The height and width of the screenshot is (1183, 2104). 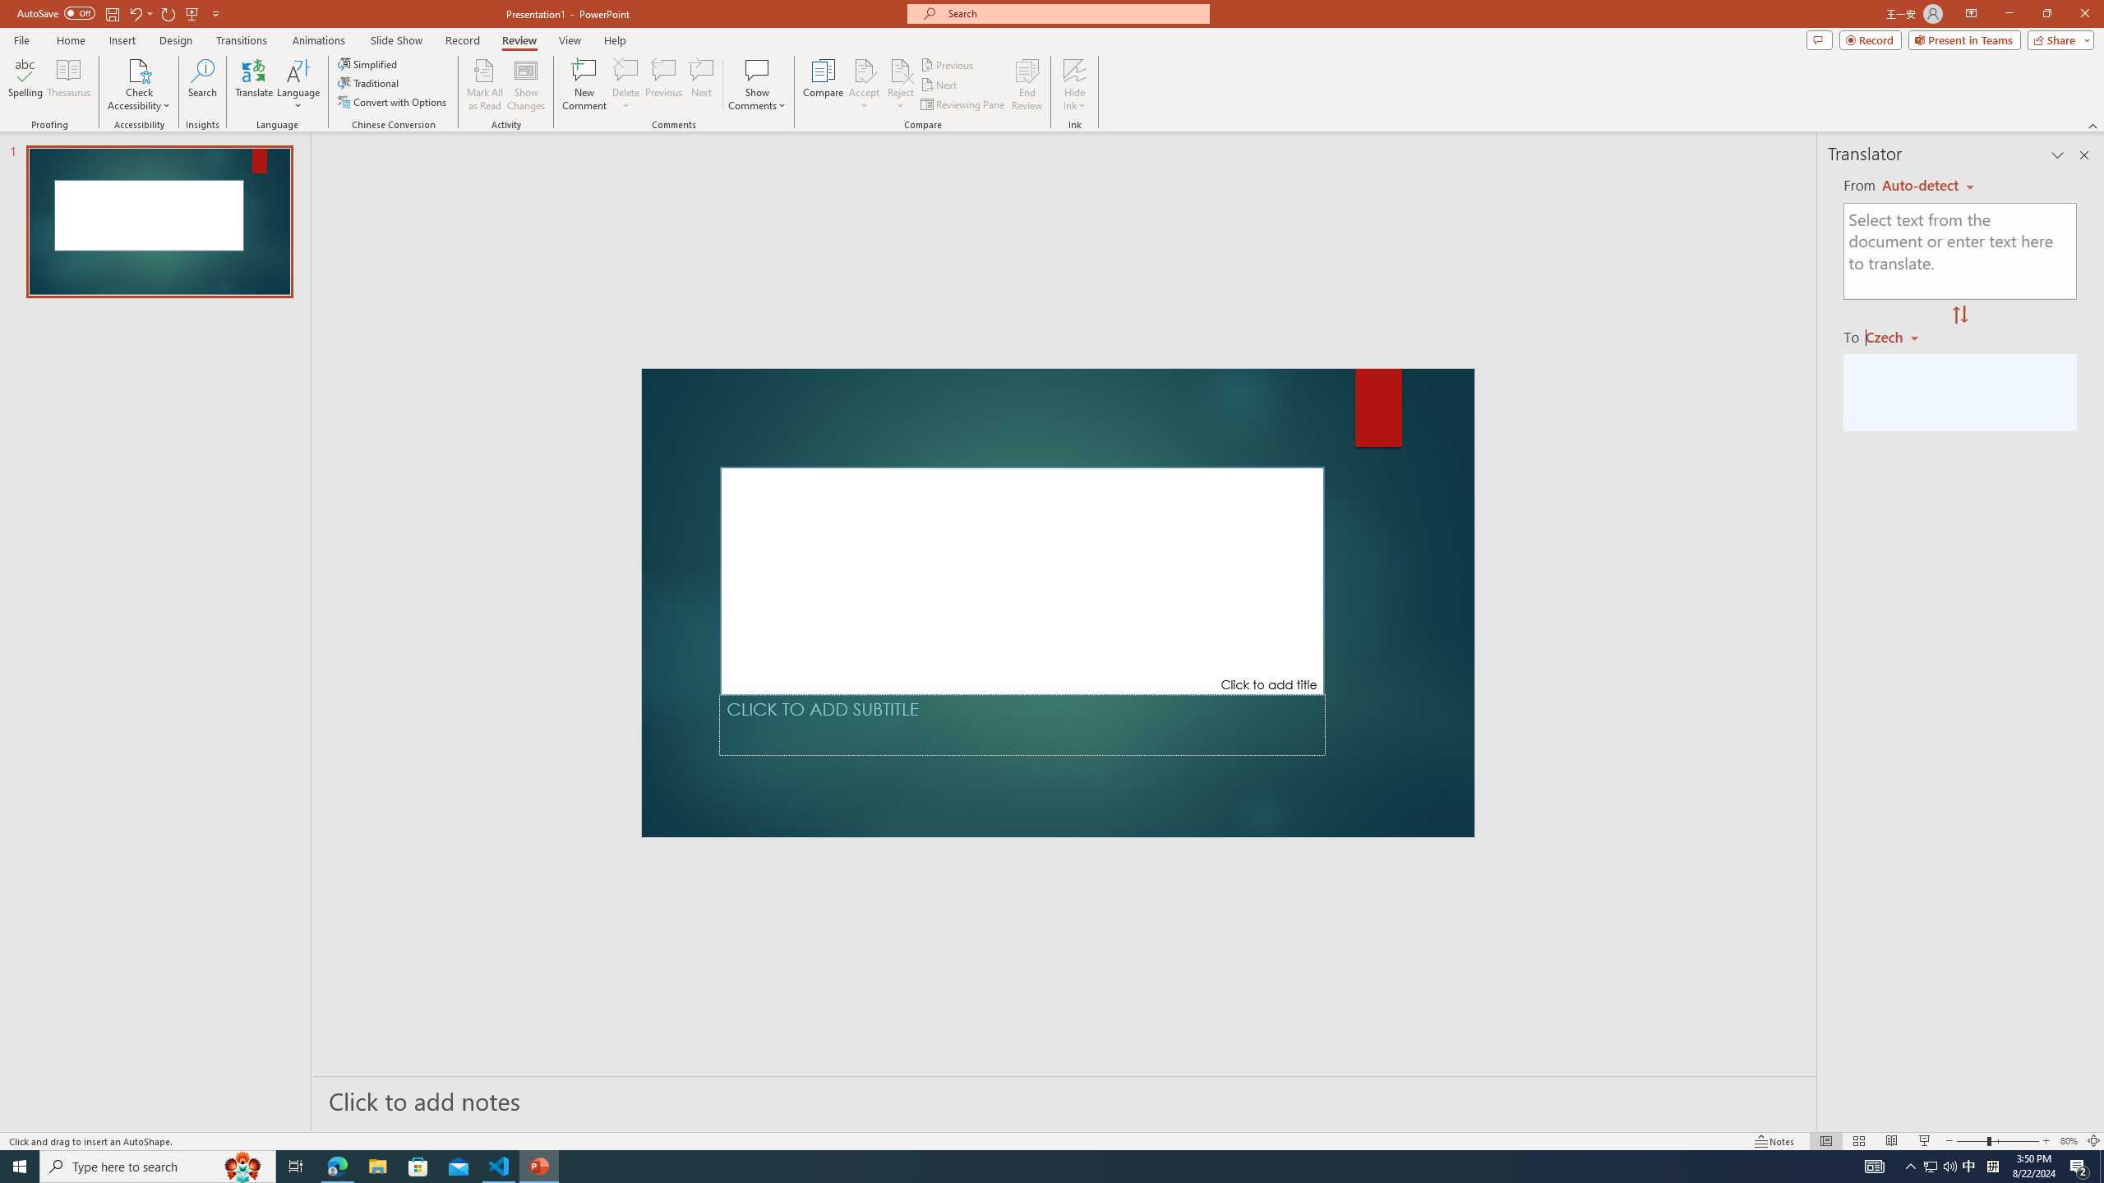 I want to click on 'Mark All as Read', so click(x=485, y=85).